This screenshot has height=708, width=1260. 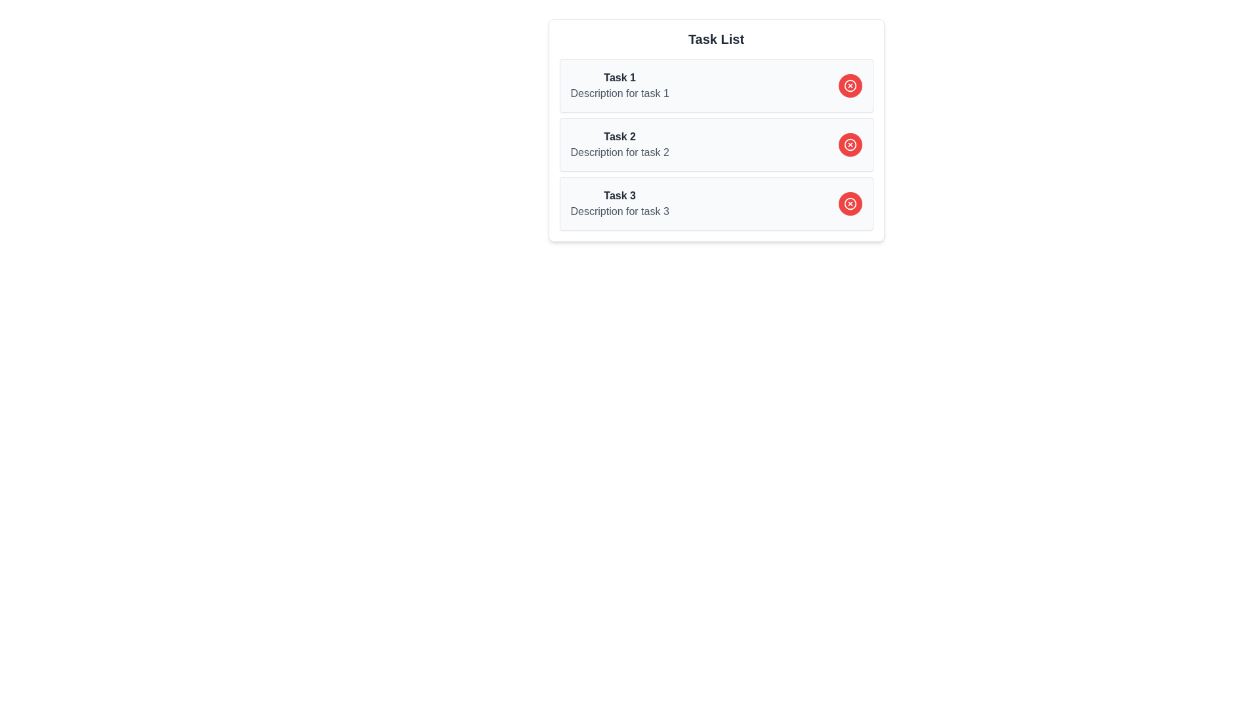 What do you see at coordinates (619, 144) in the screenshot?
I see `text block representing the title and description of the second task in the task list, located between 'Task 1' and 'Task 3'` at bounding box center [619, 144].